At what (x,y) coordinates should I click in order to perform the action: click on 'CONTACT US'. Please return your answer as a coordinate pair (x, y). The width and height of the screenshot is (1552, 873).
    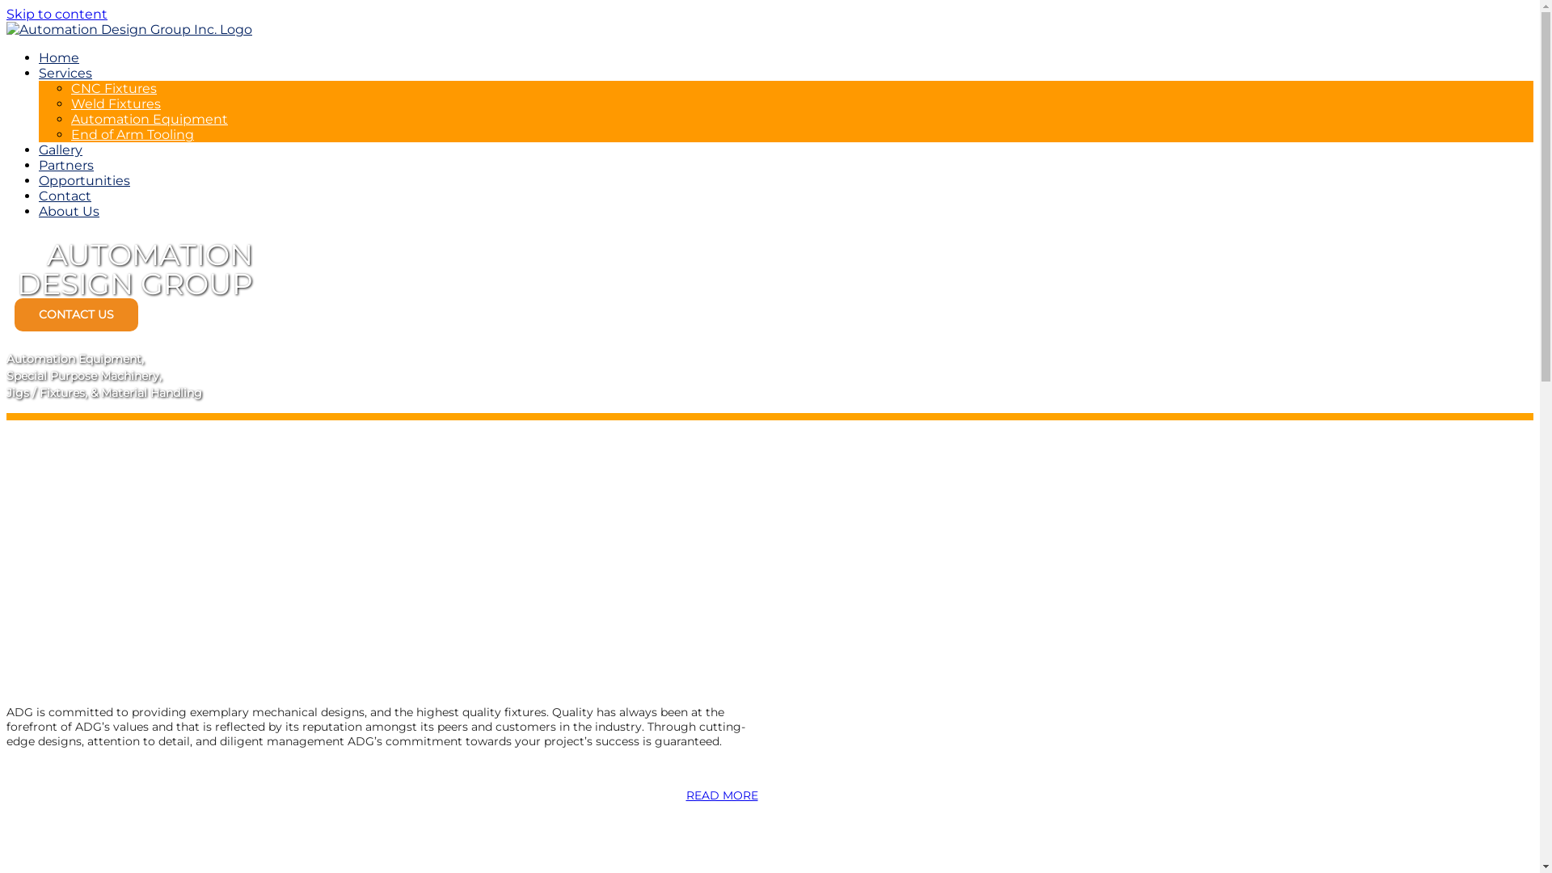
    Looking at the image, I should click on (75, 314).